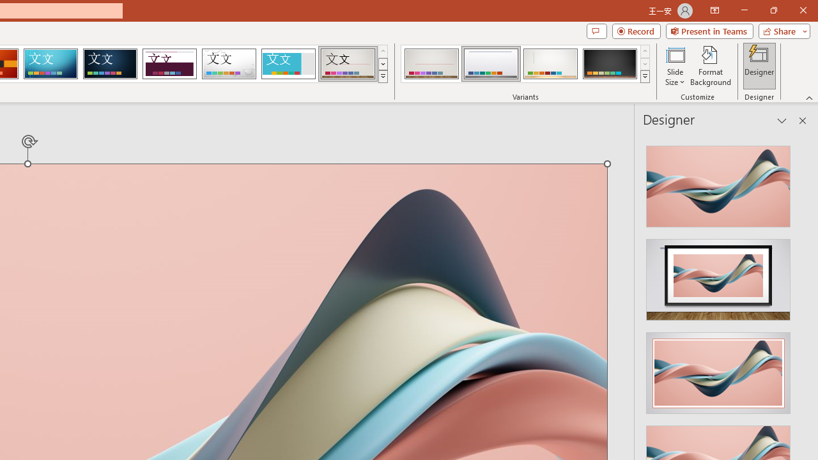 The width and height of the screenshot is (818, 460). What do you see at coordinates (645, 77) in the screenshot?
I see `'Variants'` at bounding box center [645, 77].